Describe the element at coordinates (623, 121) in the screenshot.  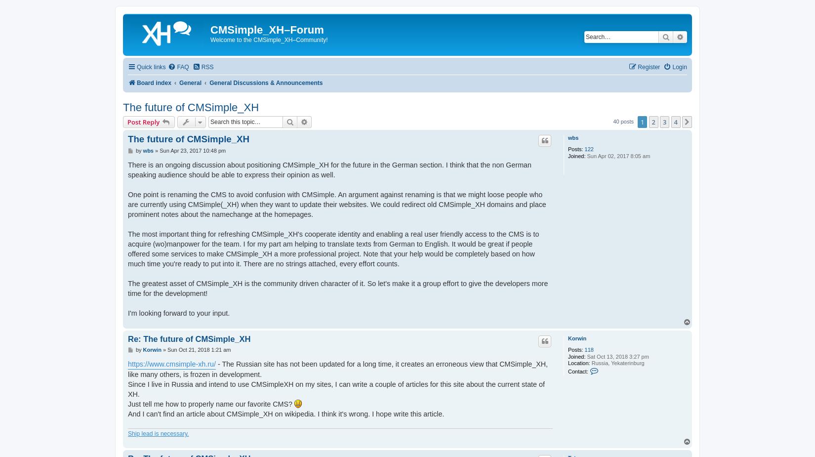
I see `'40 posts'` at that location.